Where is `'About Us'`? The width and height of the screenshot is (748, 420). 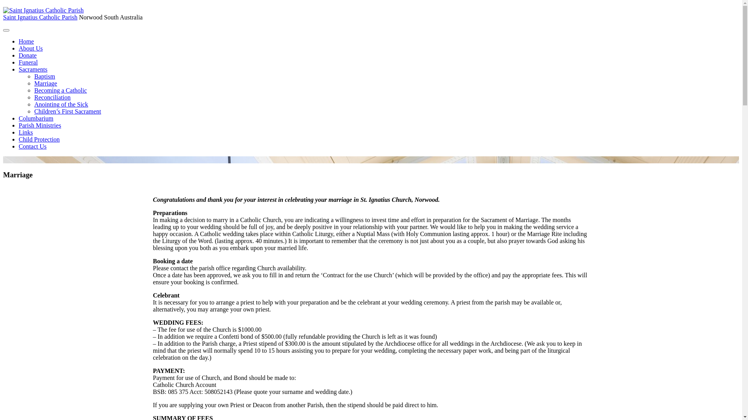 'About Us' is located at coordinates (30, 48).